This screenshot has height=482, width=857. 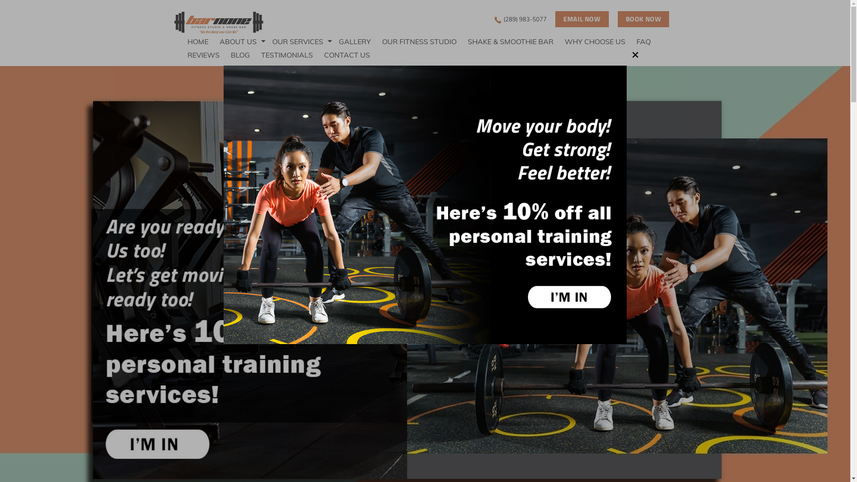 What do you see at coordinates (203, 41) in the screenshot?
I see `'HOME'` at bounding box center [203, 41].